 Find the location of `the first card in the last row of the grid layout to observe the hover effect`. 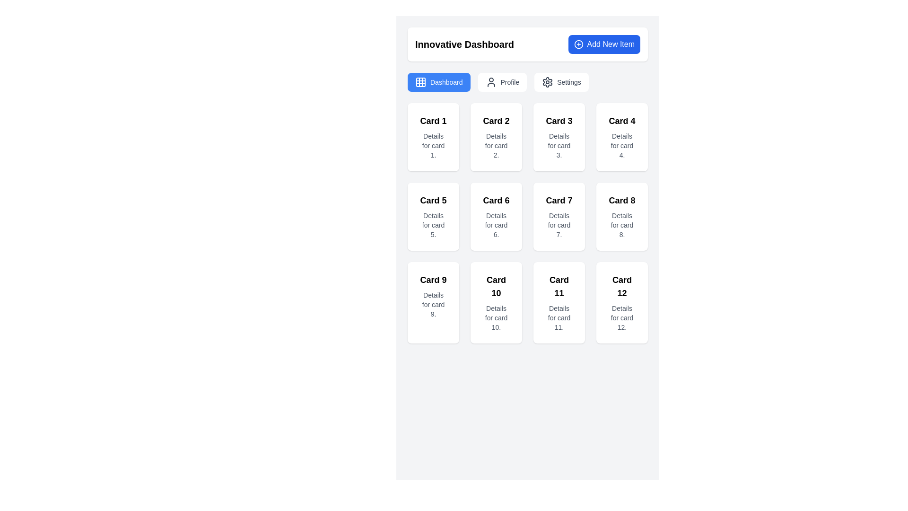

the first card in the last row of the grid layout to observe the hover effect is located at coordinates (433, 303).